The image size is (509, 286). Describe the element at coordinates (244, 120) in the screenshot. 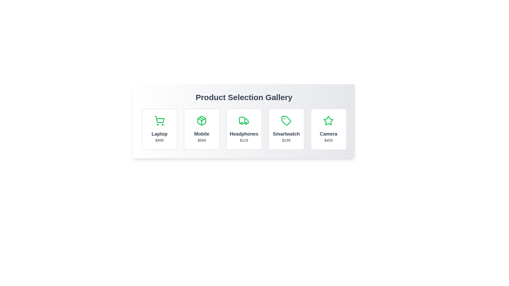

I see `the delivery truck icon, which is located above the text 'Headphones' and '$119' in the third item of the product selection grid` at that location.